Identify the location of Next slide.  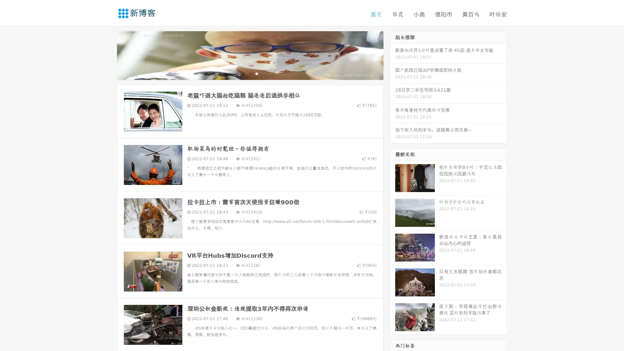
(393, 55).